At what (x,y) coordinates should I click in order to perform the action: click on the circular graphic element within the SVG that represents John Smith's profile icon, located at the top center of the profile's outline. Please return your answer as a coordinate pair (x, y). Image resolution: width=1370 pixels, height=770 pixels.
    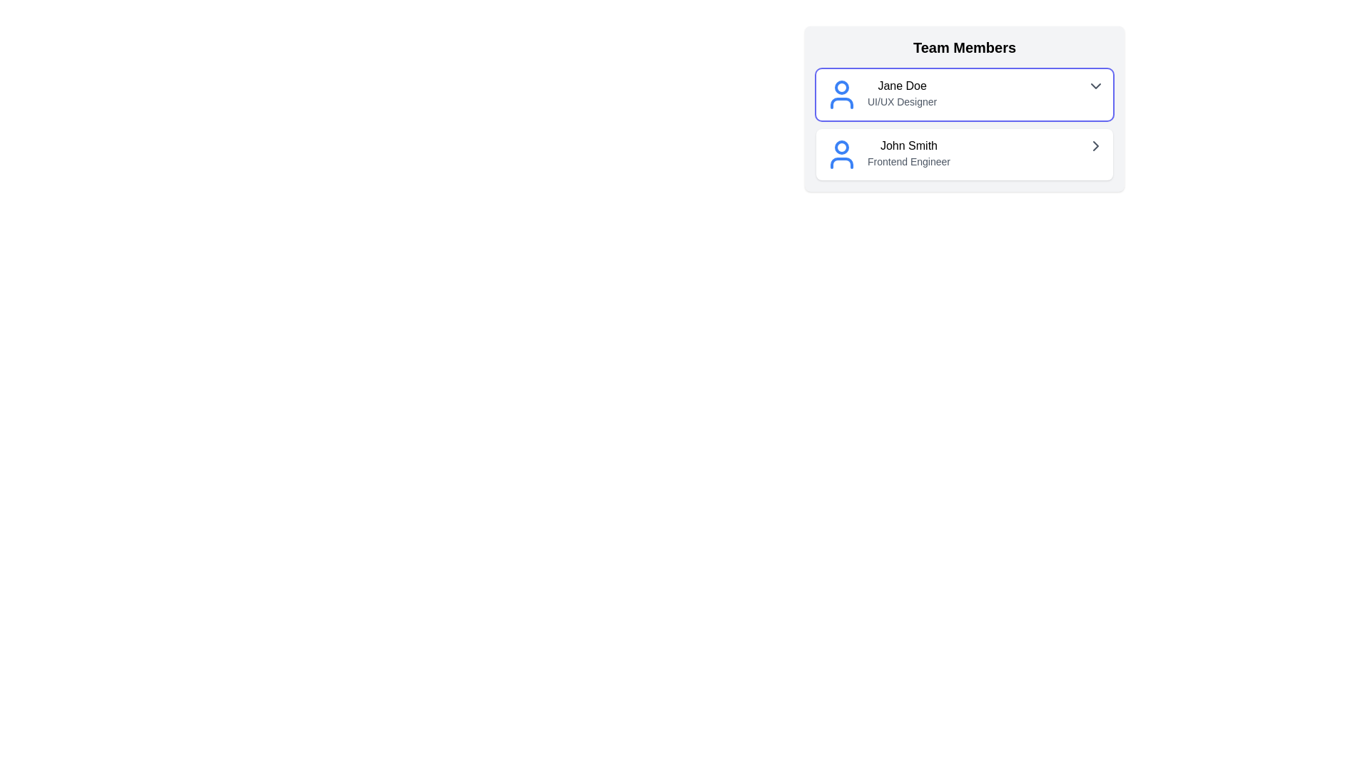
    Looking at the image, I should click on (842, 148).